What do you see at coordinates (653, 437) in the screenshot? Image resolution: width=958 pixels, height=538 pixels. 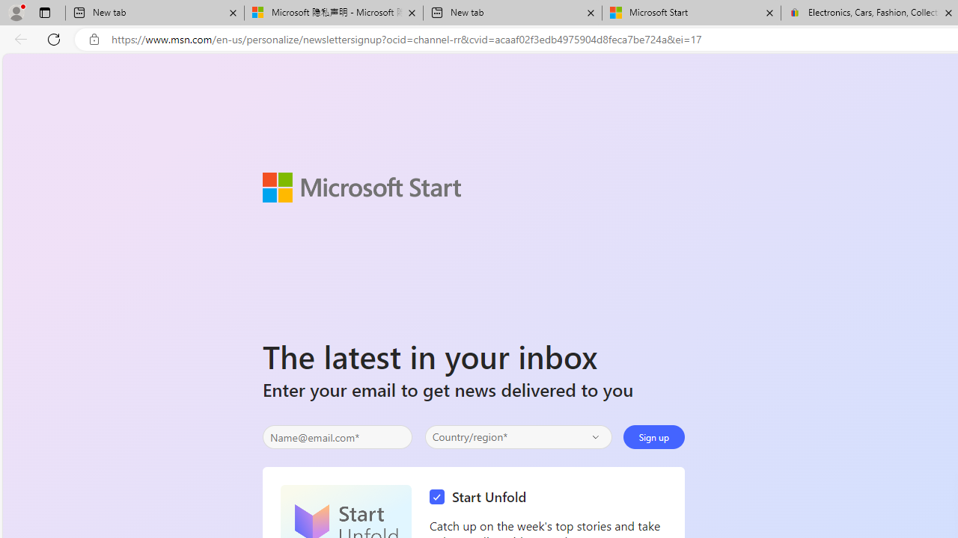 I see `'Sign up'` at bounding box center [653, 437].